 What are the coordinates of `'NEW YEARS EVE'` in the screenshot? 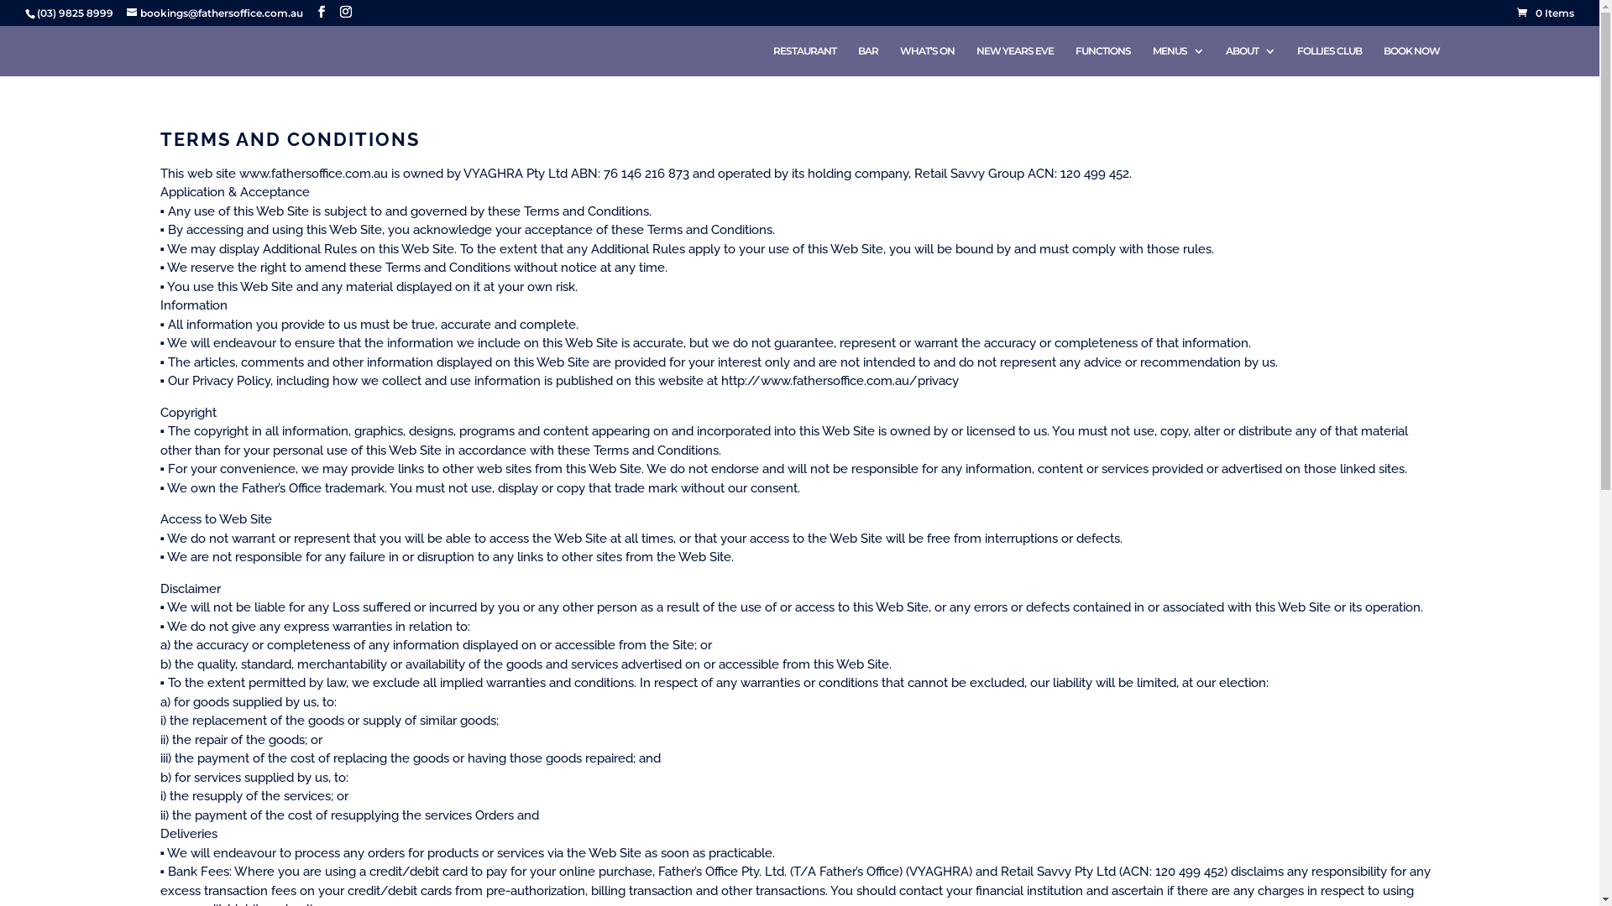 It's located at (1013, 60).